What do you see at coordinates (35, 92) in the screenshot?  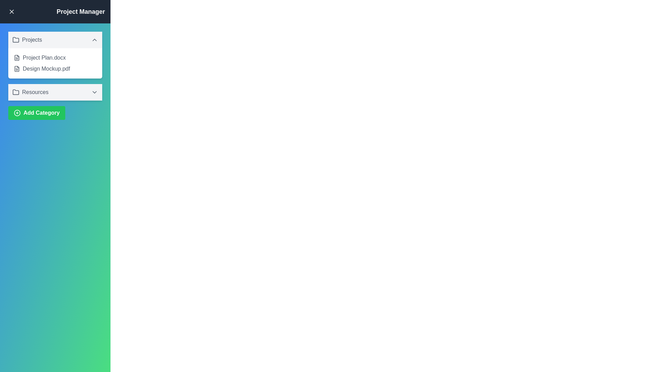 I see `the text label that indicates the folder-like icon in the collapsible menu below the 'Projects' menu item, which serves` at bounding box center [35, 92].